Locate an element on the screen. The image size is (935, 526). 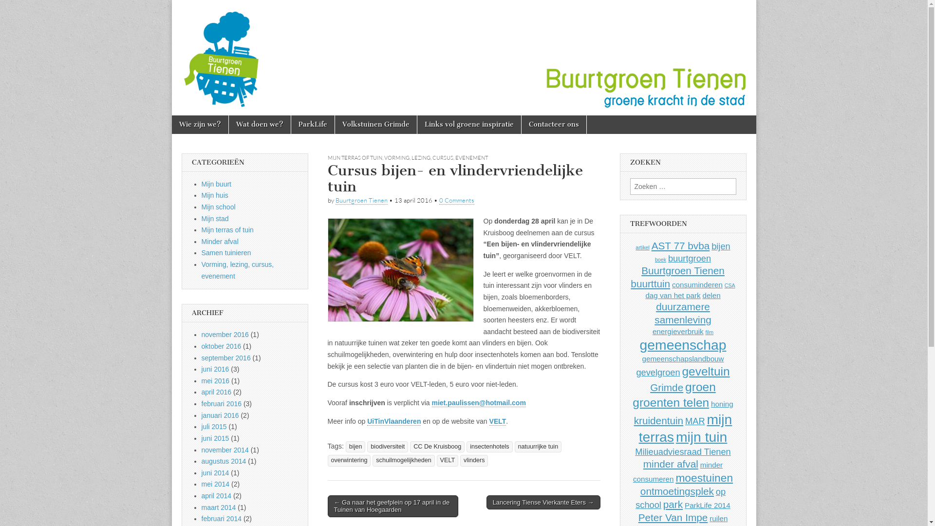
'Wat doen we?' is located at coordinates (260, 124).